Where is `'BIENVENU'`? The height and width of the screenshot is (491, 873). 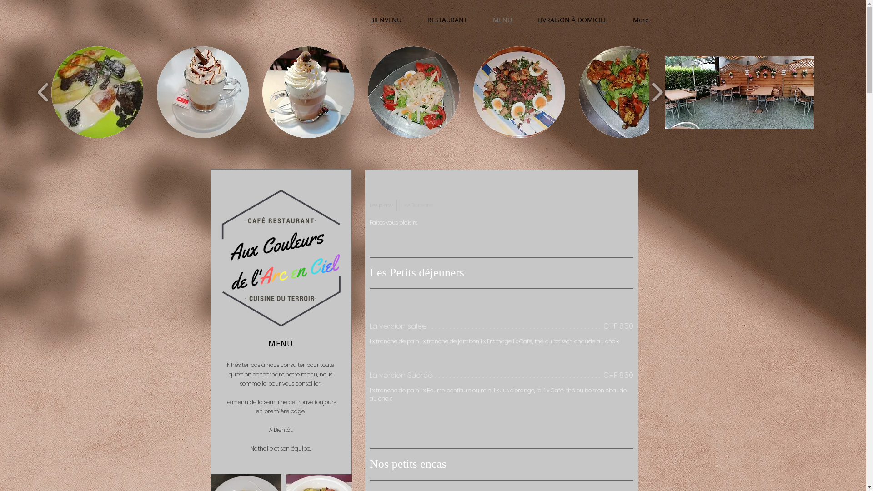 'BIENVENU' is located at coordinates (386, 20).